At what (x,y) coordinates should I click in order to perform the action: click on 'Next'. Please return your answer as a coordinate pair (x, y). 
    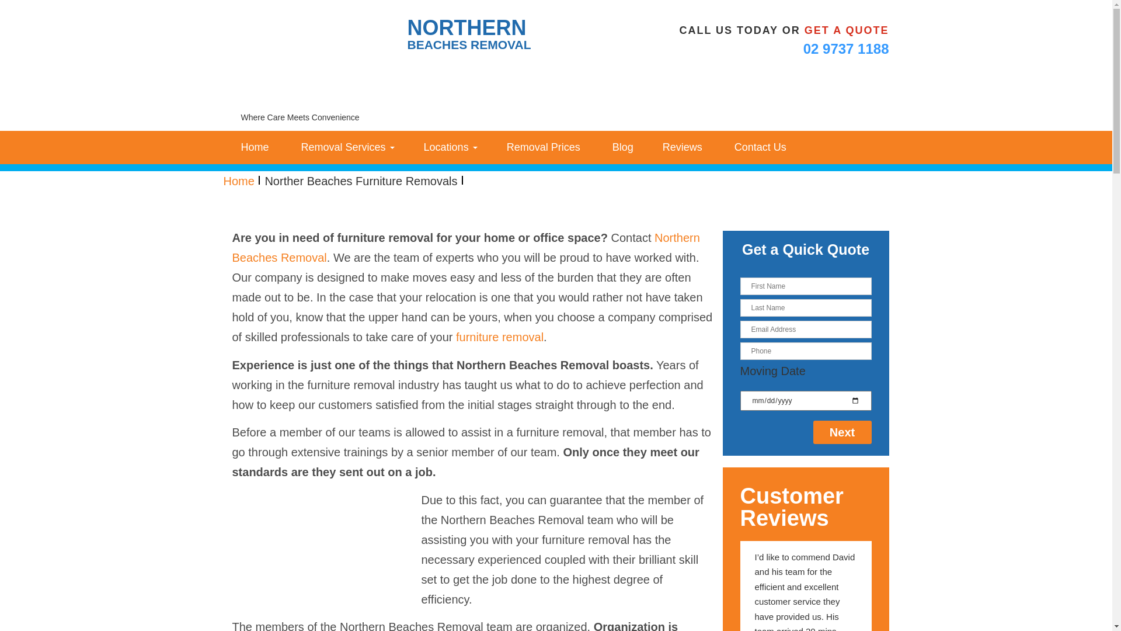
    Looking at the image, I should click on (812, 432).